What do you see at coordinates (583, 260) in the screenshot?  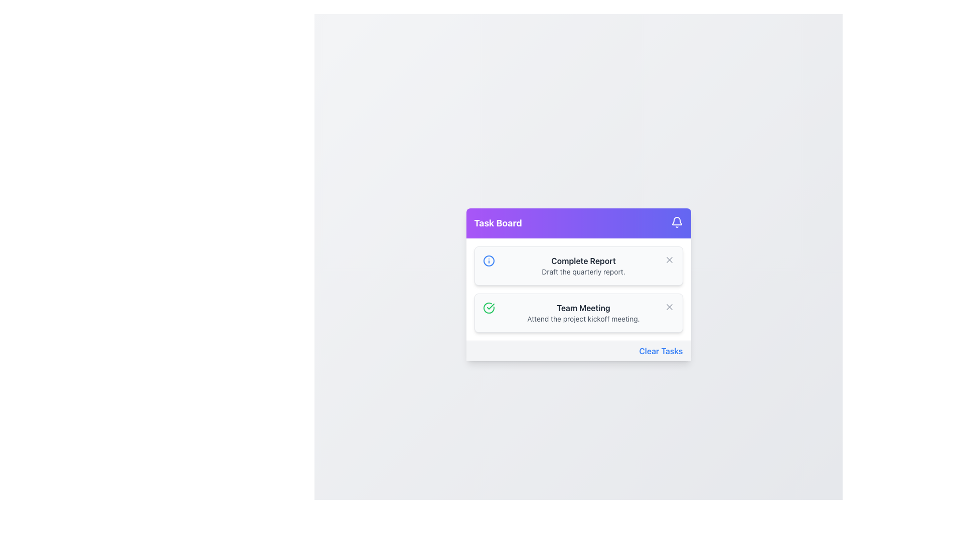 I see `the title text element located at the top-middle of the task card in the 'Task Board' section, which summarizes the purpose of the task below it` at bounding box center [583, 260].